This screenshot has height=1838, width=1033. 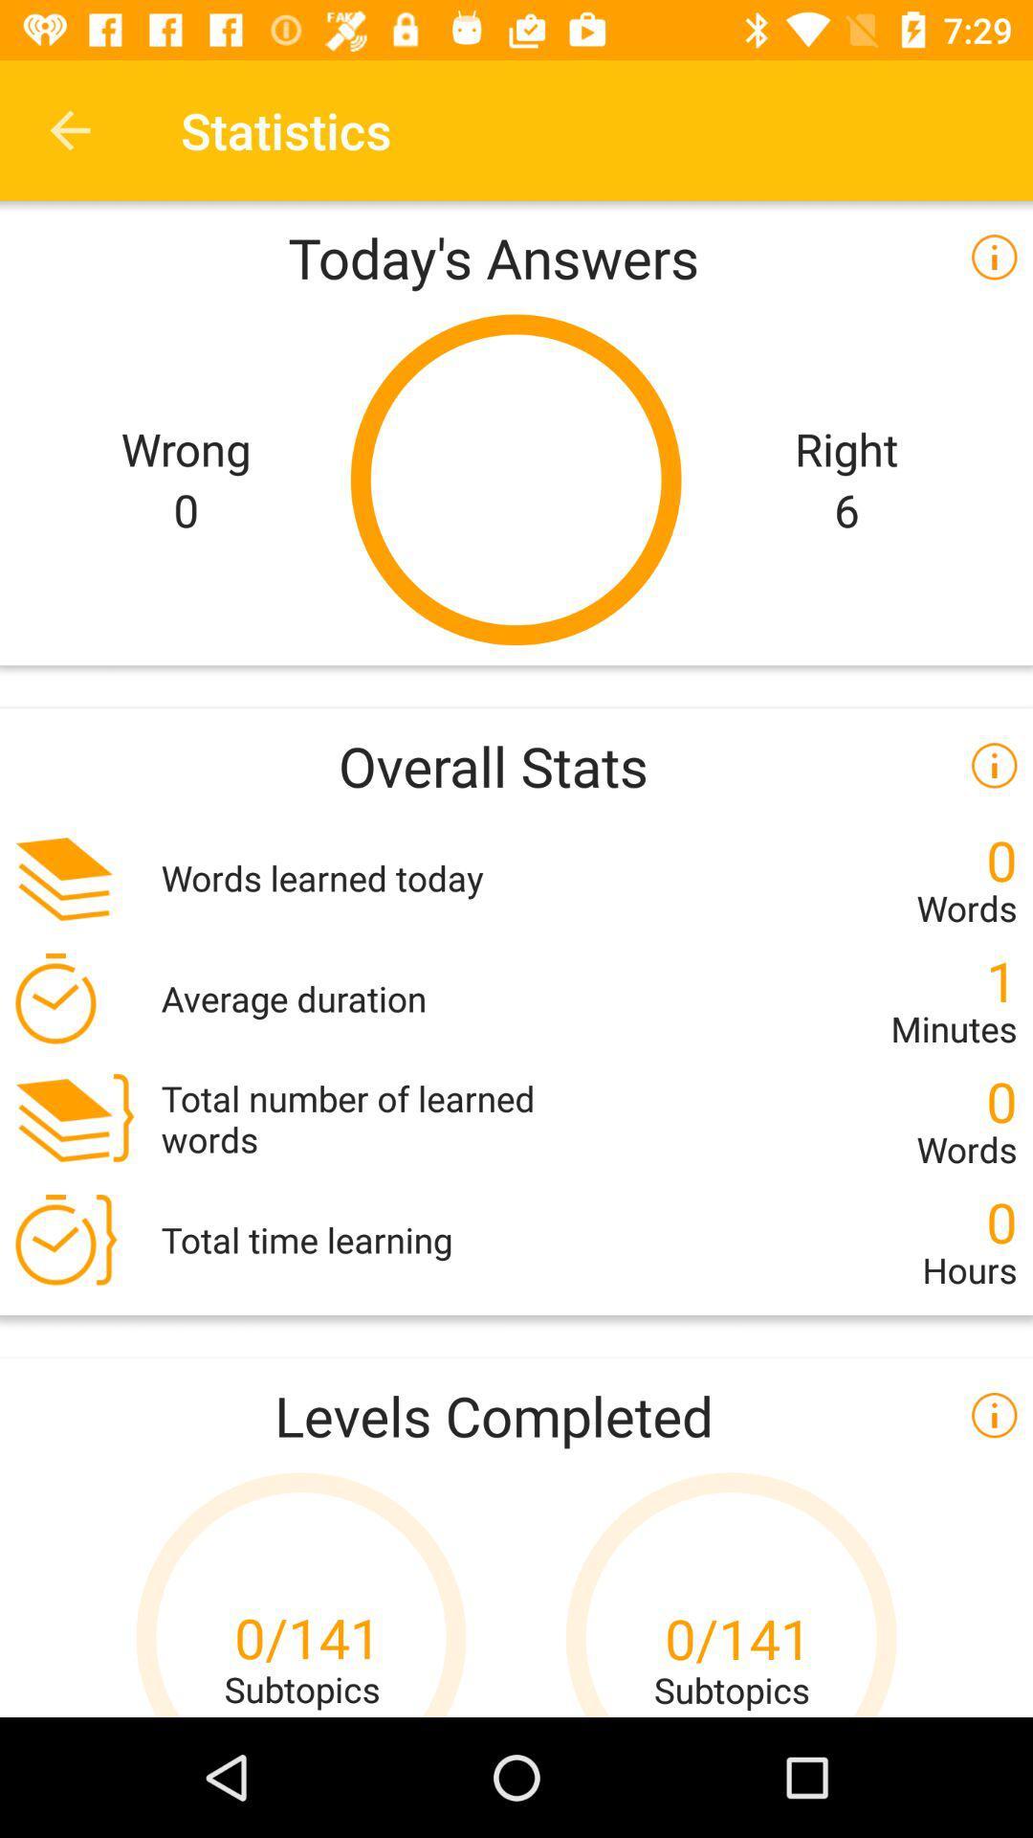 What do you see at coordinates (516, 256) in the screenshot?
I see `the today's answers icon` at bounding box center [516, 256].